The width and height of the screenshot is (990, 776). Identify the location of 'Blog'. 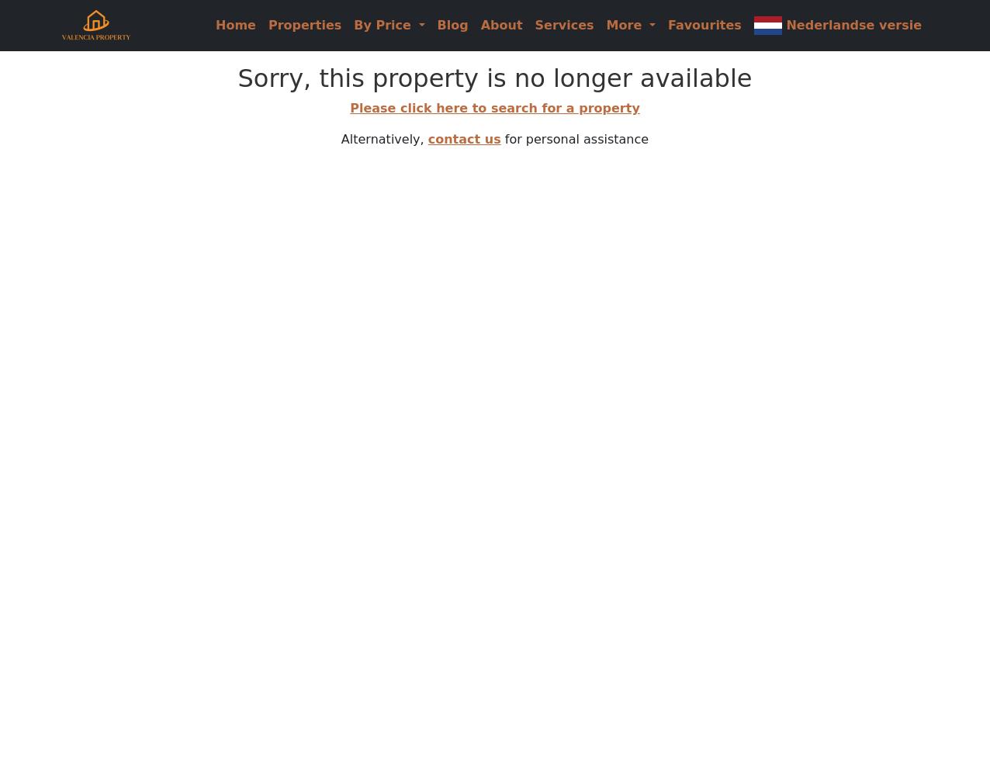
(436, 24).